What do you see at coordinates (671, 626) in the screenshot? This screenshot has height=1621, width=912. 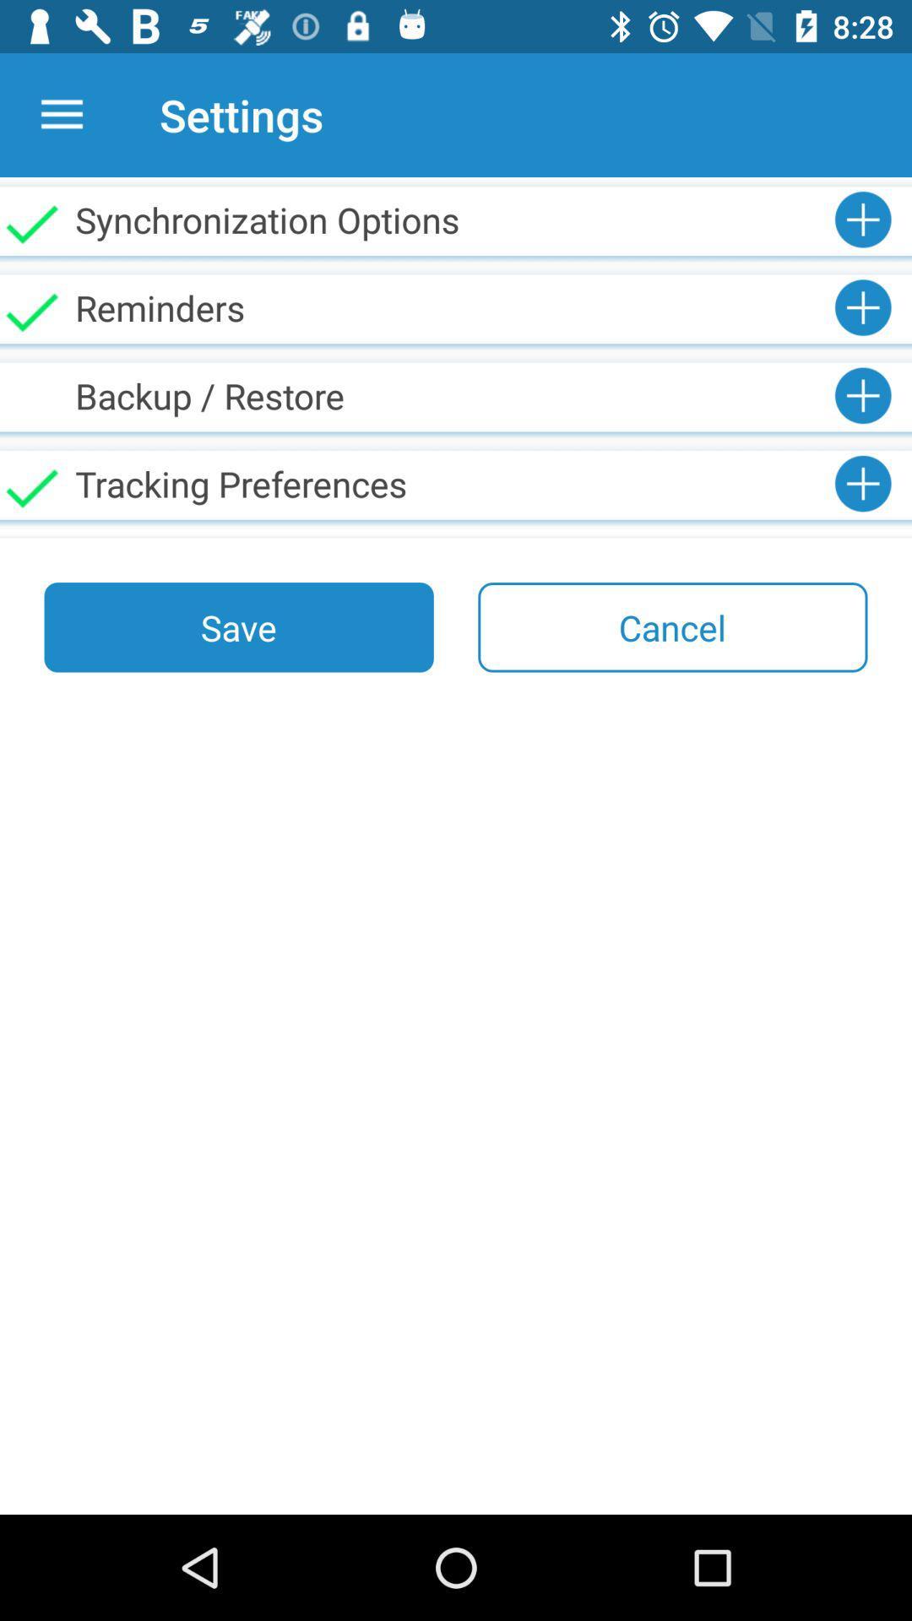 I see `item next to the save item` at bounding box center [671, 626].